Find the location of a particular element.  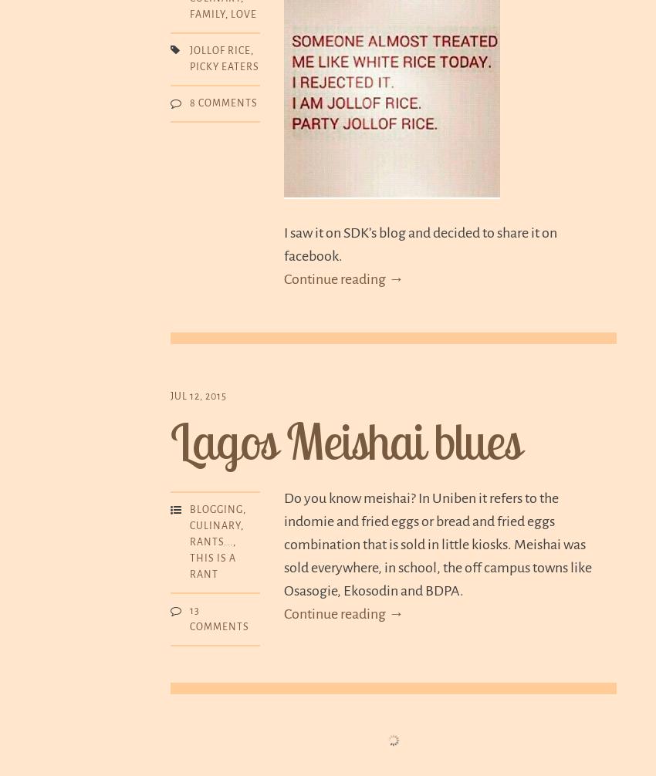

'Love' is located at coordinates (244, 15).